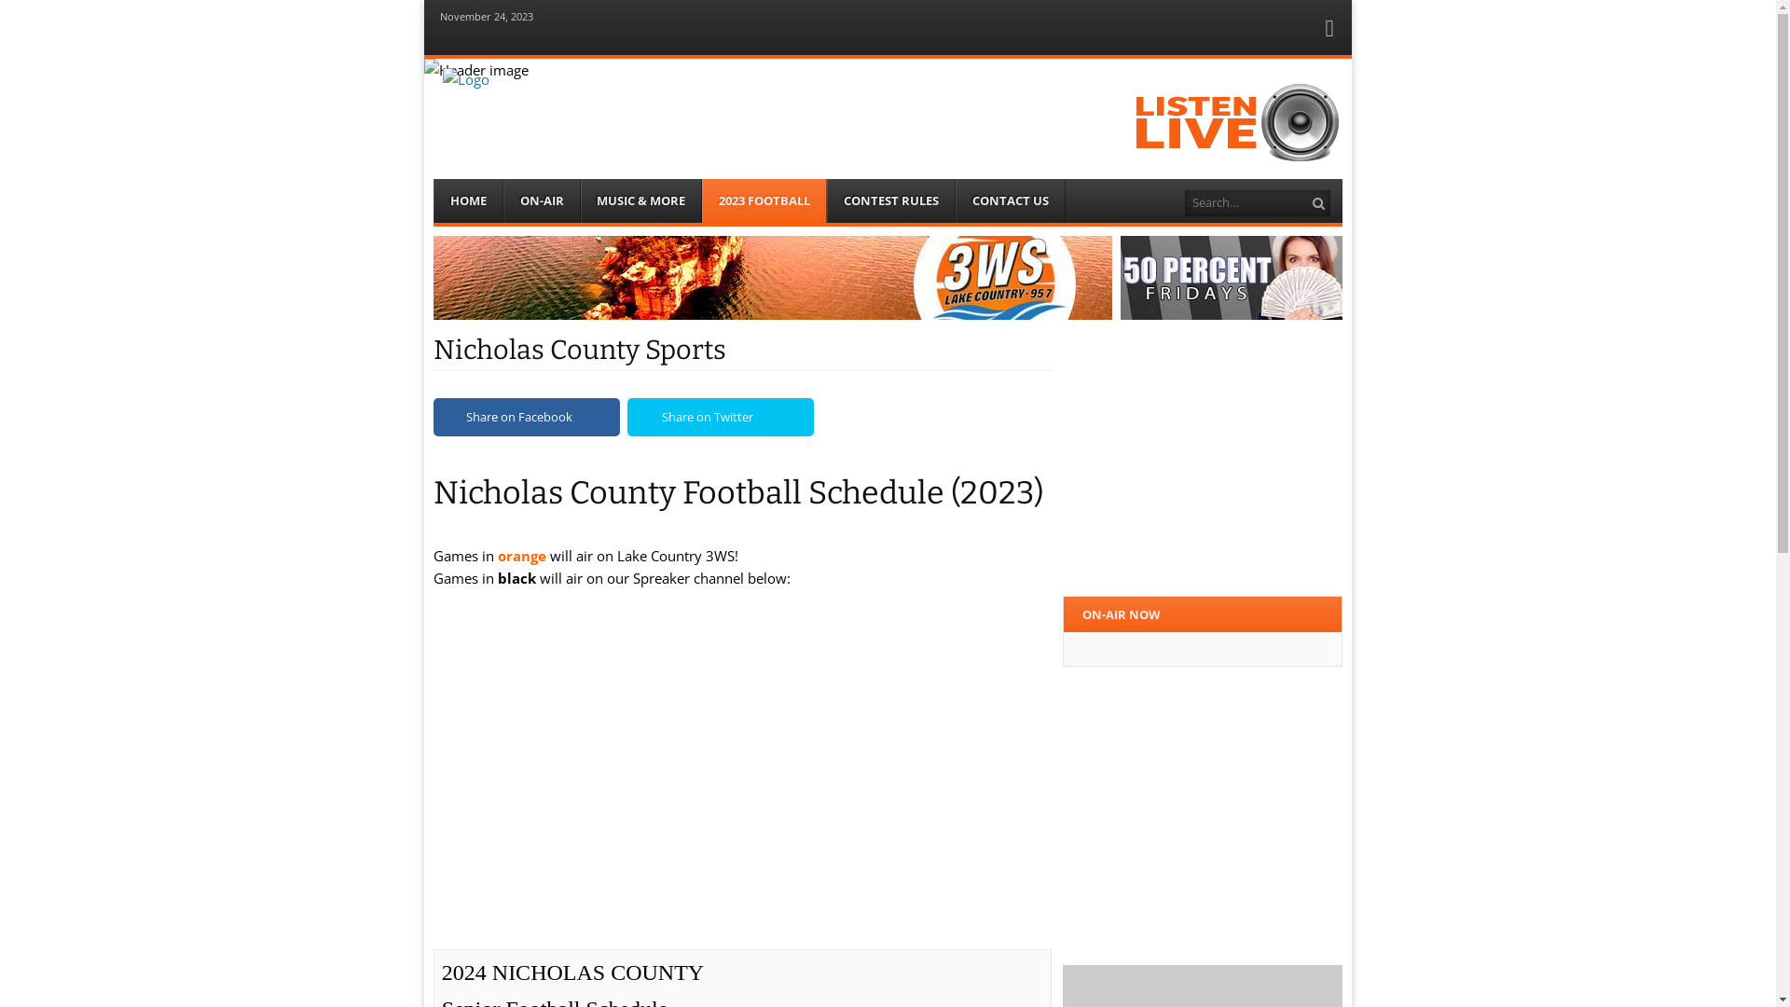 This screenshot has height=1007, width=1790. I want to click on '2023 FOOTBALL', so click(764, 200).